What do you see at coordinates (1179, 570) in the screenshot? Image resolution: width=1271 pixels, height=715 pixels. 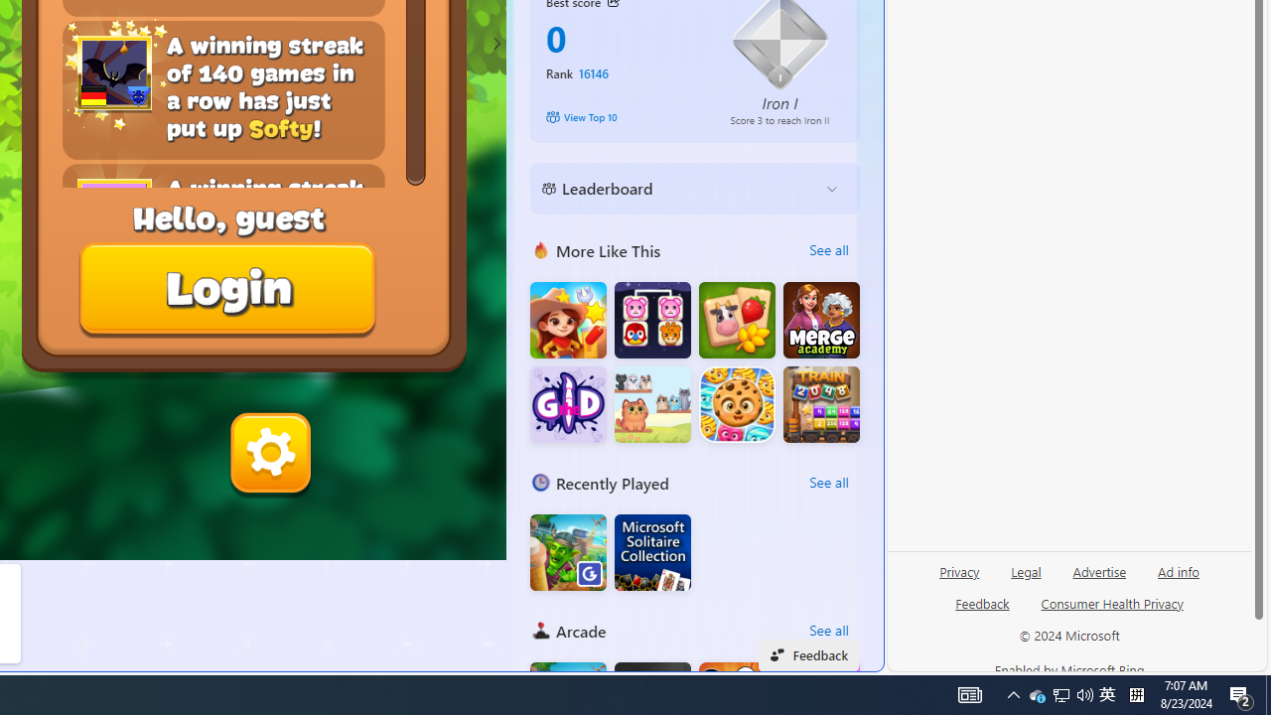 I see `'Ad info'` at bounding box center [1179, 570].